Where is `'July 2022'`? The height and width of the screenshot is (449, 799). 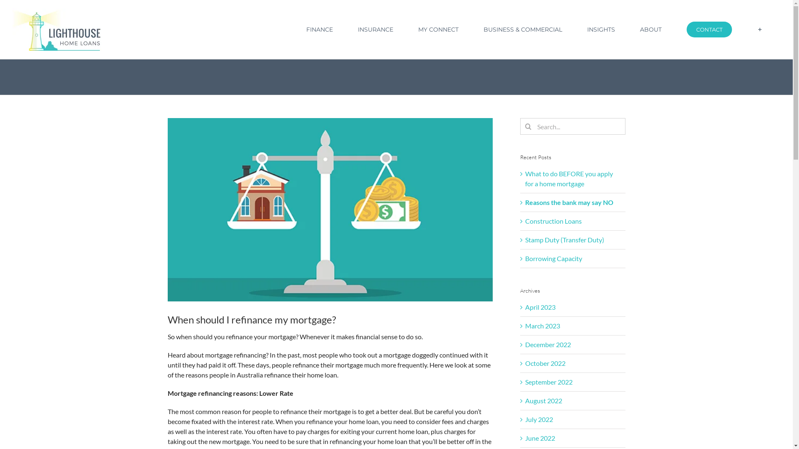
'July 2022' is located at coordinates (525, 419).